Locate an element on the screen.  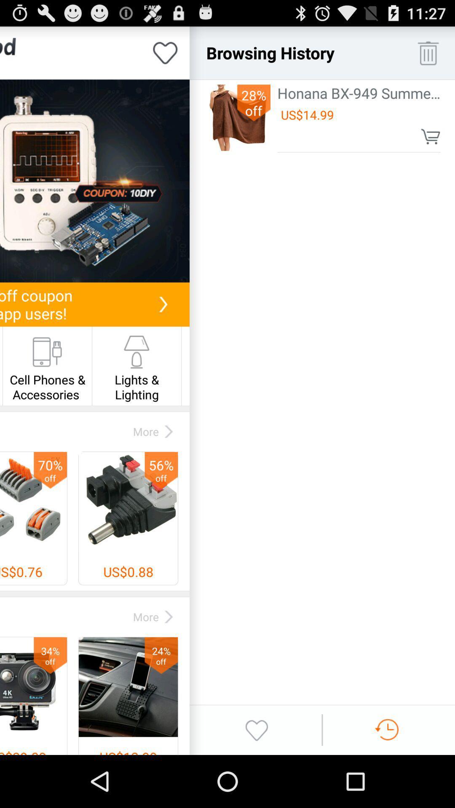
delete browsing history is located at coordinates (428, 52).